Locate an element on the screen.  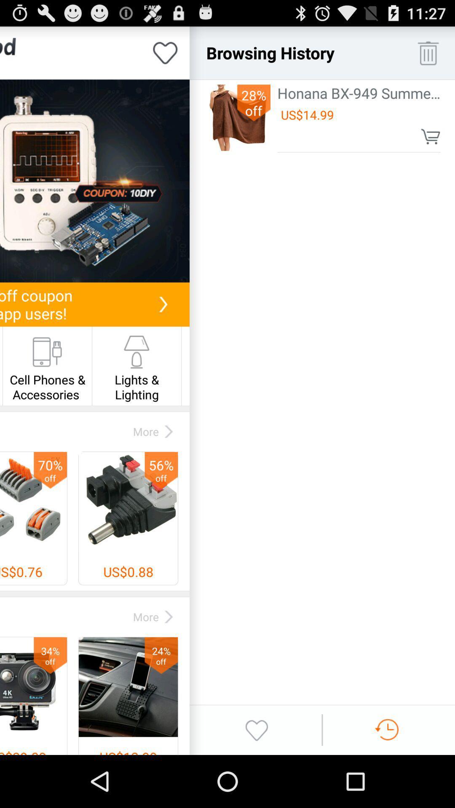
delete browsing history is located at coordinates (428, 52).